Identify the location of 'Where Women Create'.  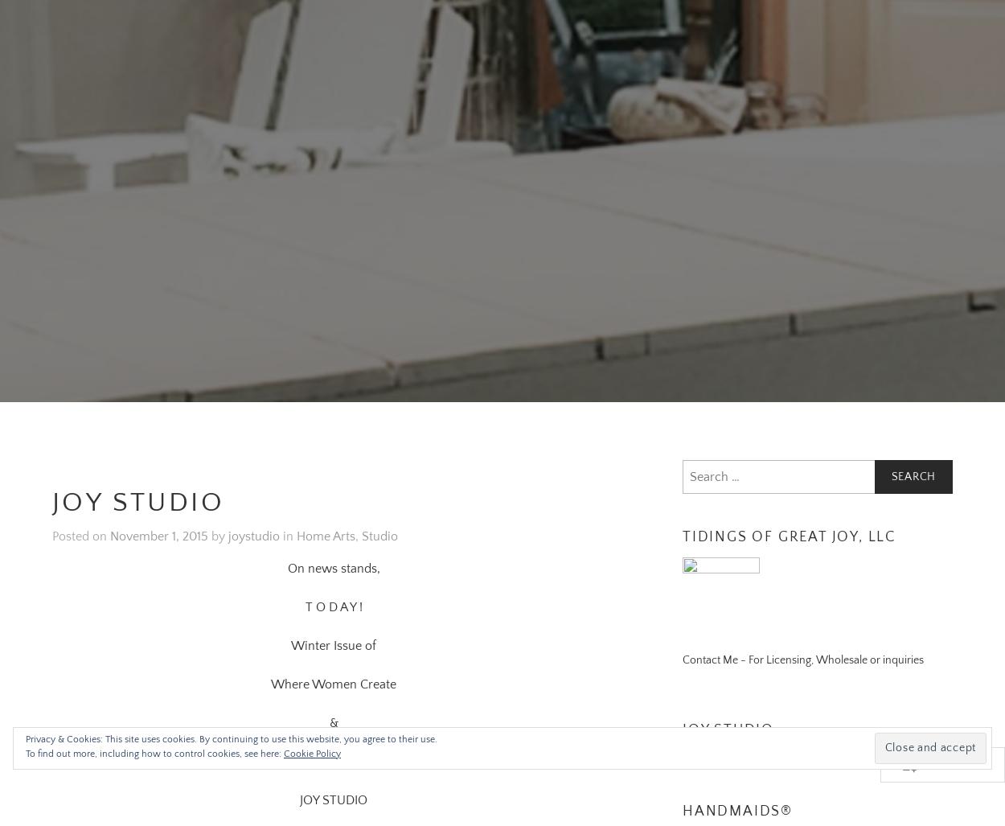
(334, 665).